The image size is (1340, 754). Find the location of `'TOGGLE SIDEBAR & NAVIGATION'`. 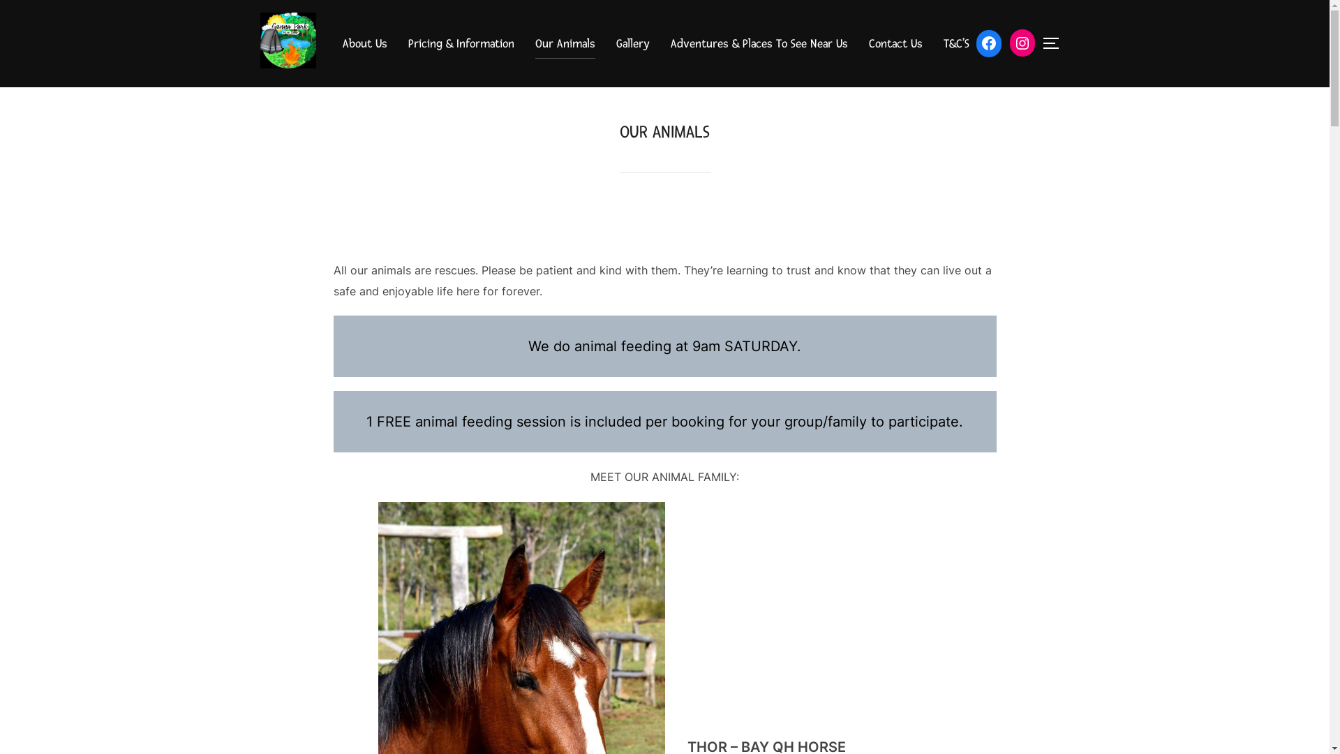

'TOGGLE SIDEBAR & NAVIGATION' is located at coordinates (1055, 42).